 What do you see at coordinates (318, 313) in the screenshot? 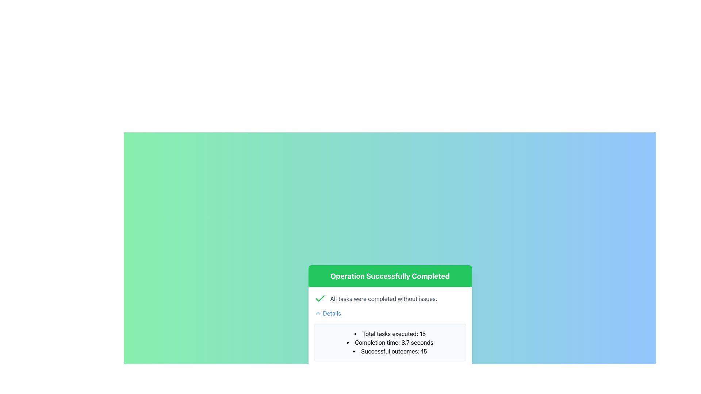
I see `the Chevron Down icon used to expand or collapse additional information next to the 'Details' text for keyboard navigation` at bounding box center [318, 313].